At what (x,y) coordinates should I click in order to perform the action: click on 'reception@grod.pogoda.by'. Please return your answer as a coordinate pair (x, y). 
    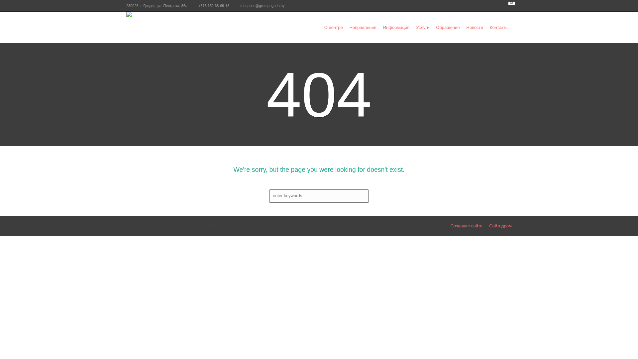
    Looking at the image, I should click on (262, 5).